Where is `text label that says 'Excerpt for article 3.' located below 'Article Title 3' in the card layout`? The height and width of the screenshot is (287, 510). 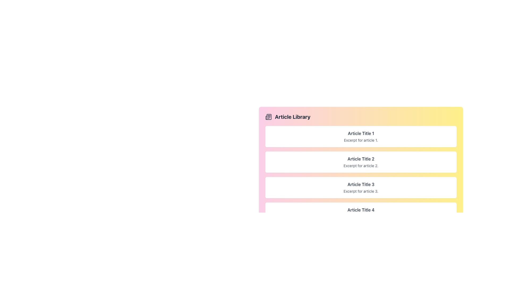
text label that says 'Excerpt for article 3.' located below 'Article Title 3' in the card layout is located at coordinates (361, 191).